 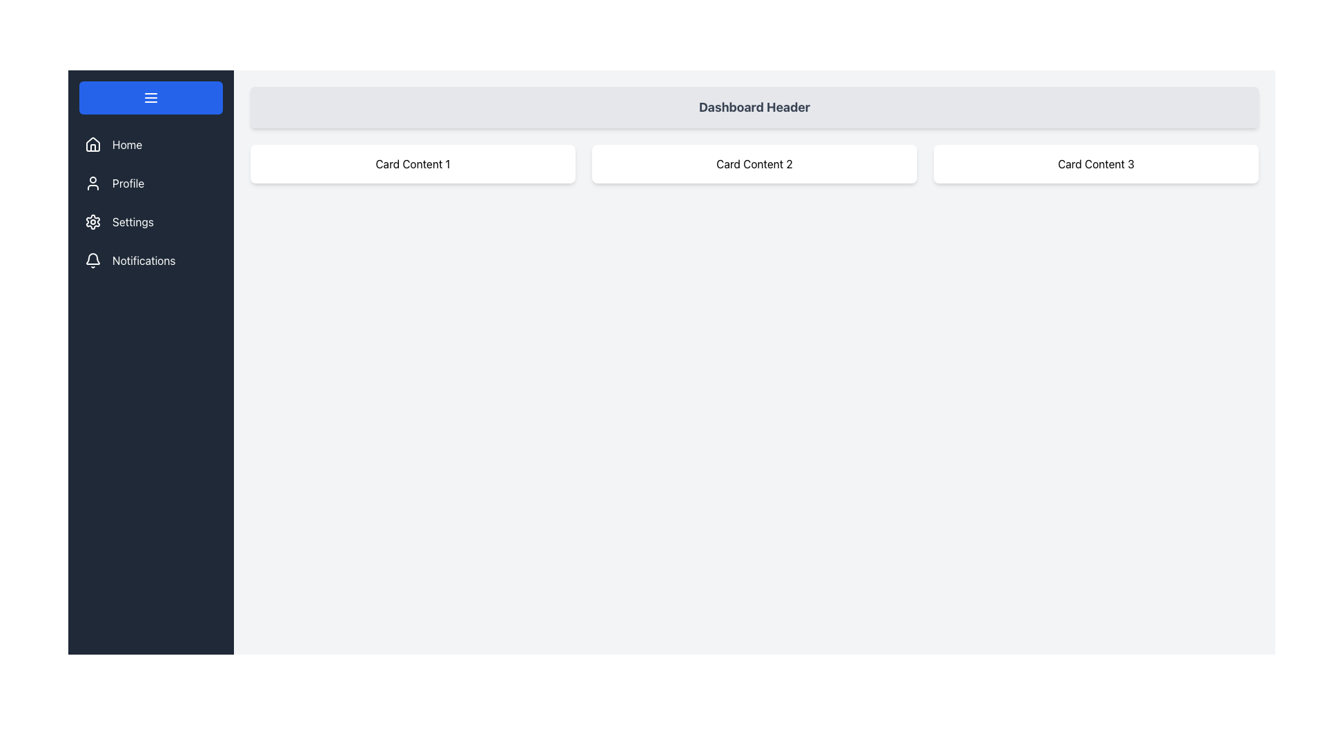 What do you see at coordinates (151, 97) in the screenshot?
I see `the rectangular blue button with a hamburger menu icon at the top of the vertical sidebar` at bounding box center [151, 97].